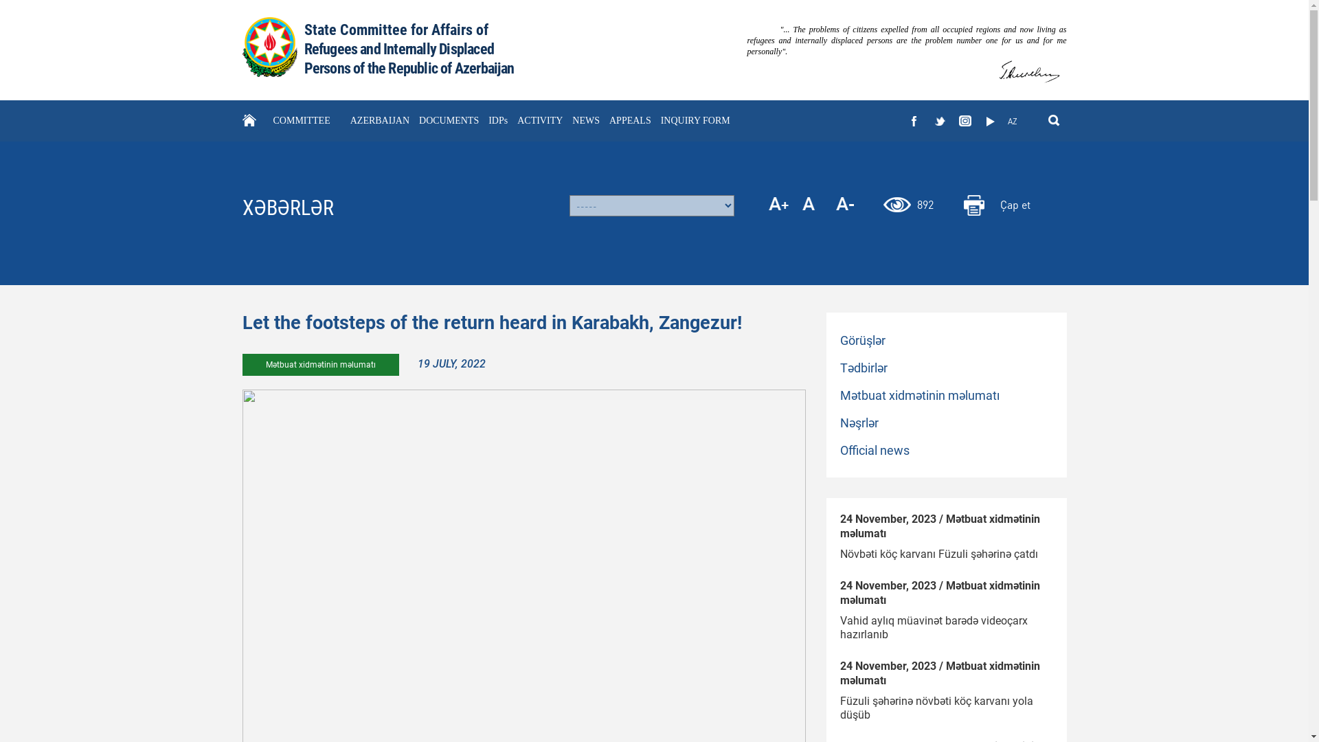 This screenshot has width=1319, height=742. What do you see at coordinates (1002, 121) in the screenshot?
I see `'AZ'` at bounding box center [1002, 121].